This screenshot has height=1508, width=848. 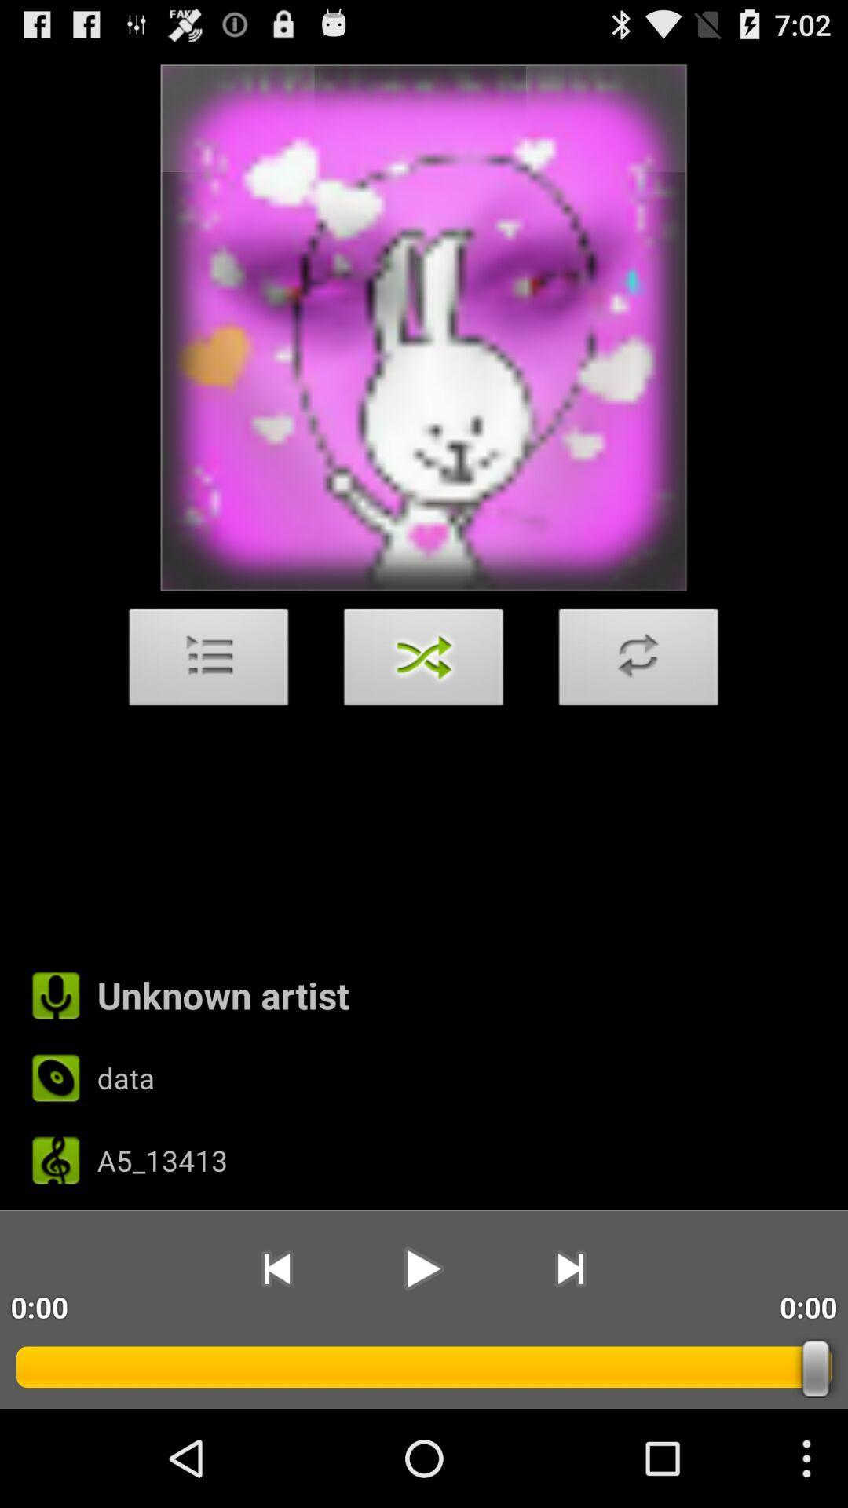 What do you see at coordinates (570, 1268) in the screenshot?
I see `the item to the left of the 0:00 item` at bounding box center [570, 1268].